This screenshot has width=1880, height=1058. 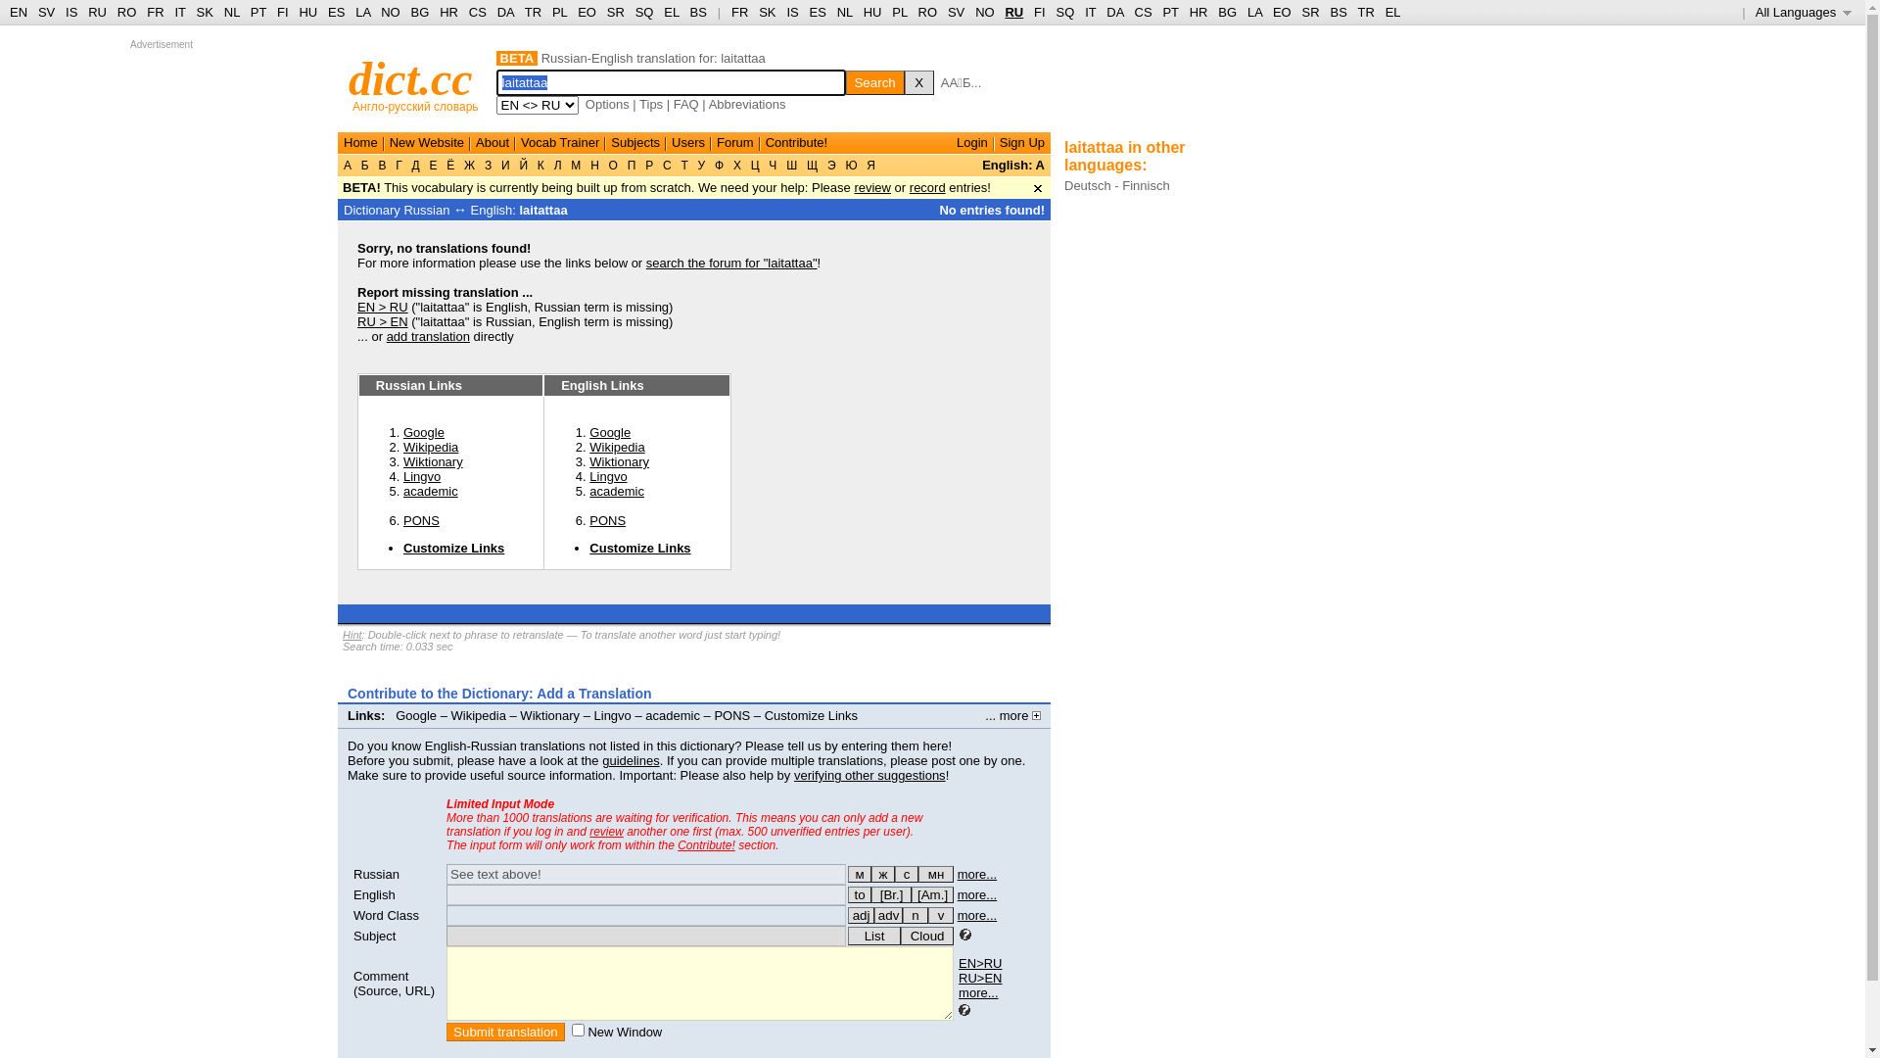 I want to click on 'CS', so click(x=478, y=12).